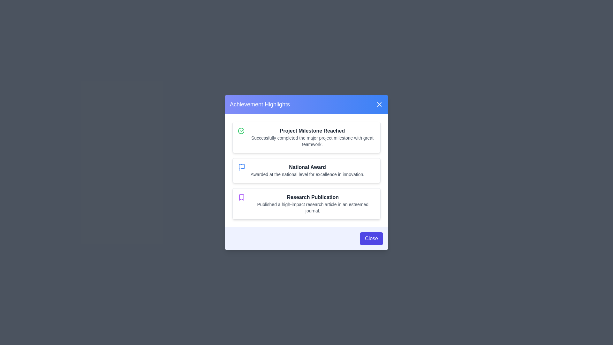  I want to click on the static text label that reads 'Published a high-impact research article in an esteemed journal.', located under the heading 'Research Publication', so click(313, 208).